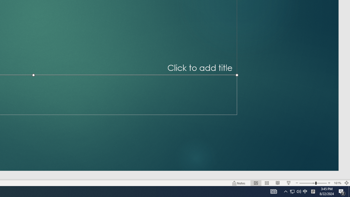 This screenshot has height=197, width=350. I want to click on 'Zoom Out', so click(307, 183).